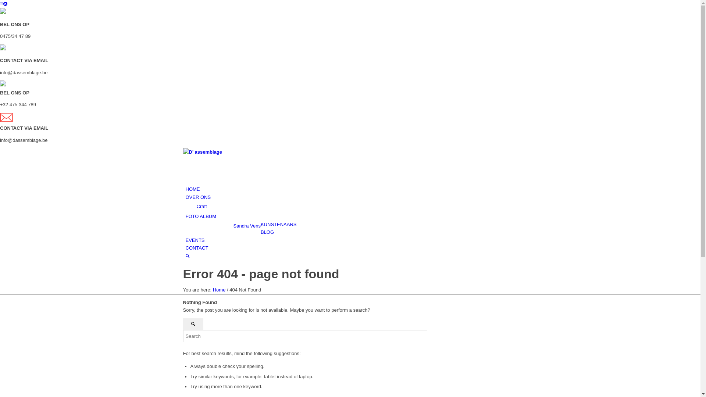 This screenshot has width=706, height=397. I want to click on 'Sandra Vens', so click(247, 225).